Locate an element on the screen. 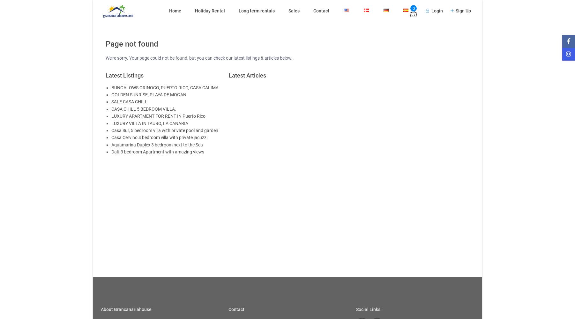 The image size is (575, 319). '0' is located at coordinates (413, 8).